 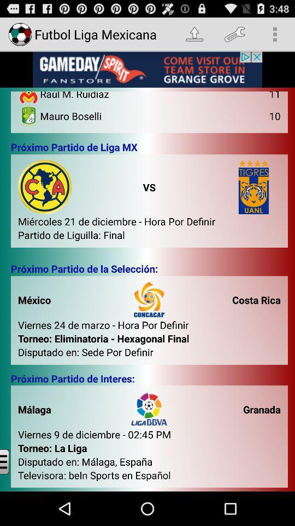 What do you see at coordinates (13, 461) in the screenshot?
I see `gives page options` at bounding box center [13, 461].